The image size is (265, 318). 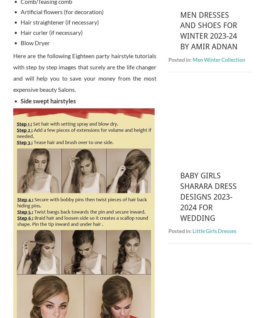 I want to click on 'Hair straightener (if necessary)', so click(x=20, y=22).